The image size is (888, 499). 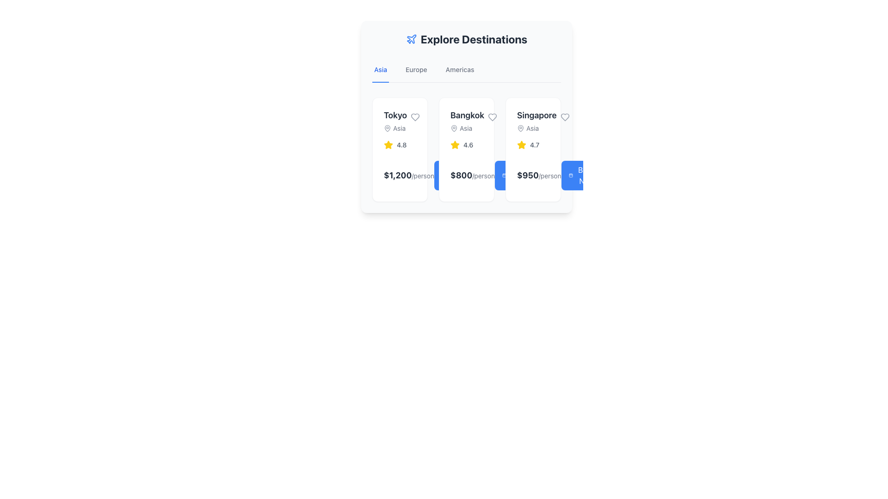 What do you see at coordinates (416, 69) in the screenshot?
I see `the 'Europe' tab in the navigation group to bring it into keyboard navigation focus` at bounding box center [416, 69].